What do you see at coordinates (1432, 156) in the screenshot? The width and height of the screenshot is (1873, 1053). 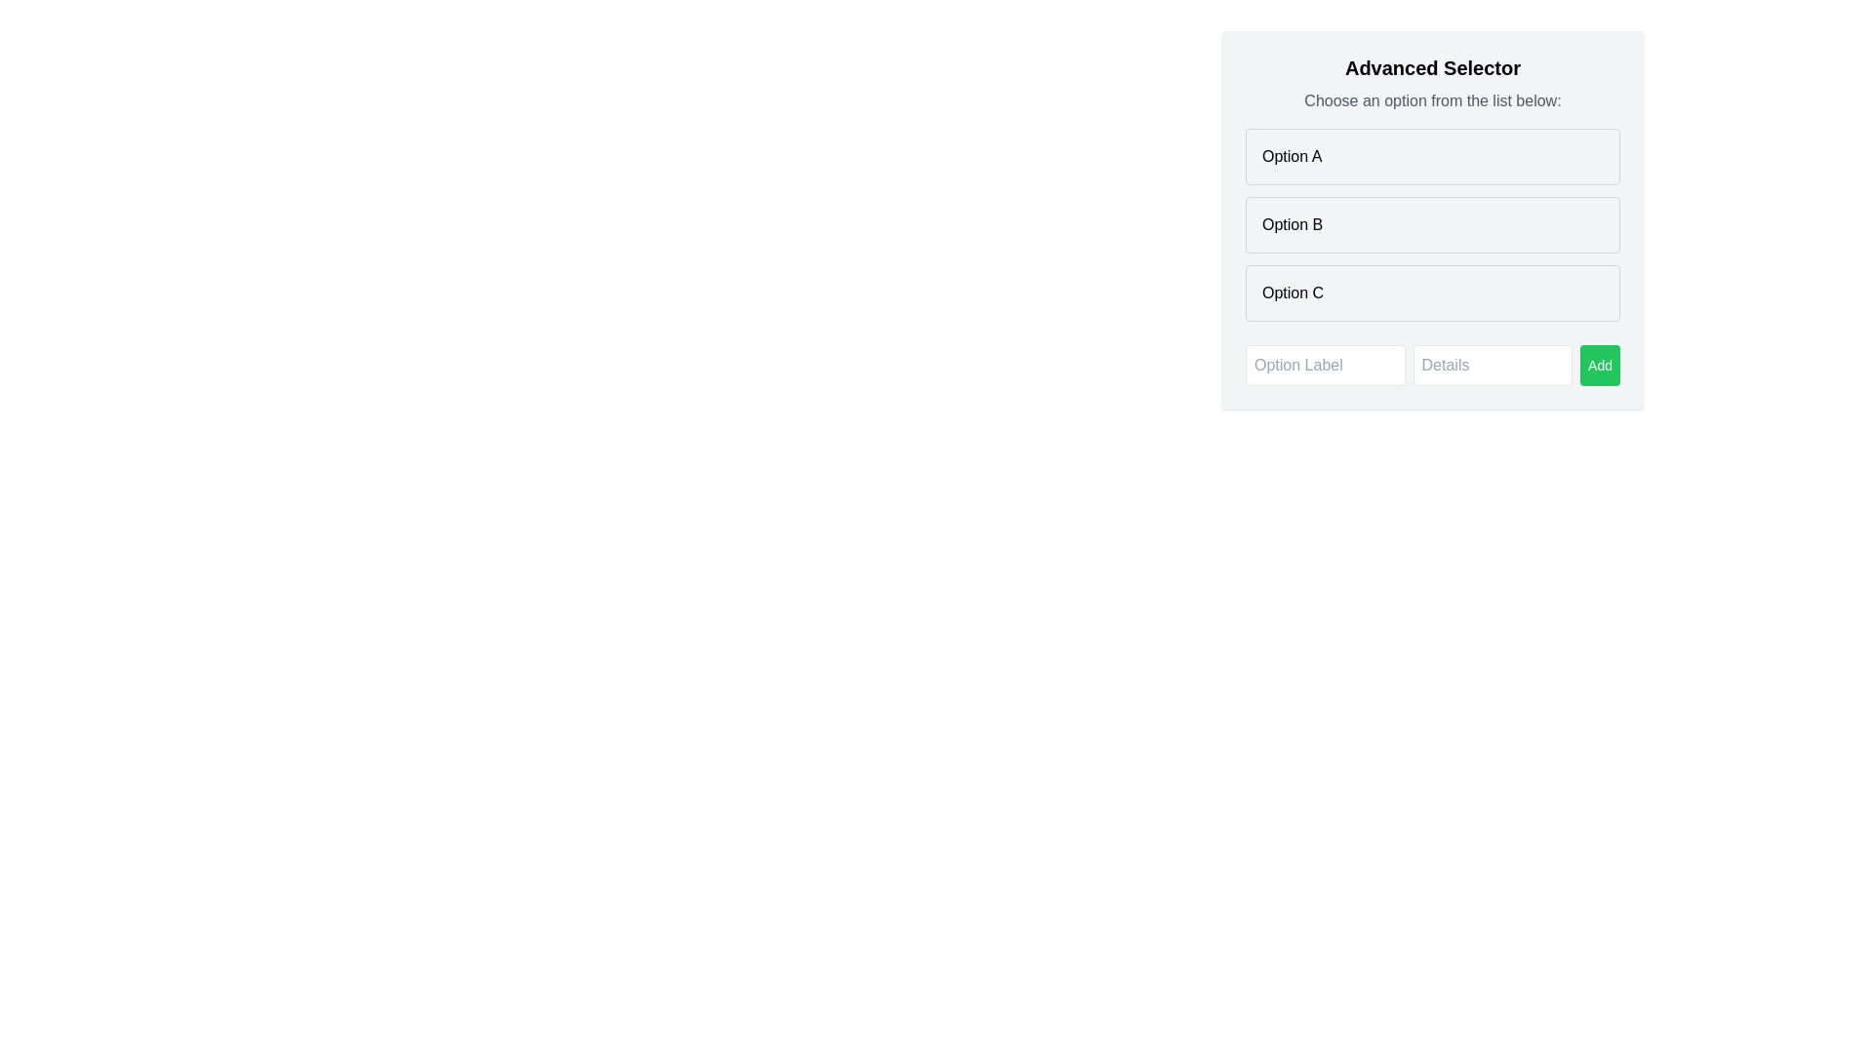 I see `the first option in the vertically stacked list of selectable items within the 'Advanced Selector' UI component` at bounding box center [1432, 156].